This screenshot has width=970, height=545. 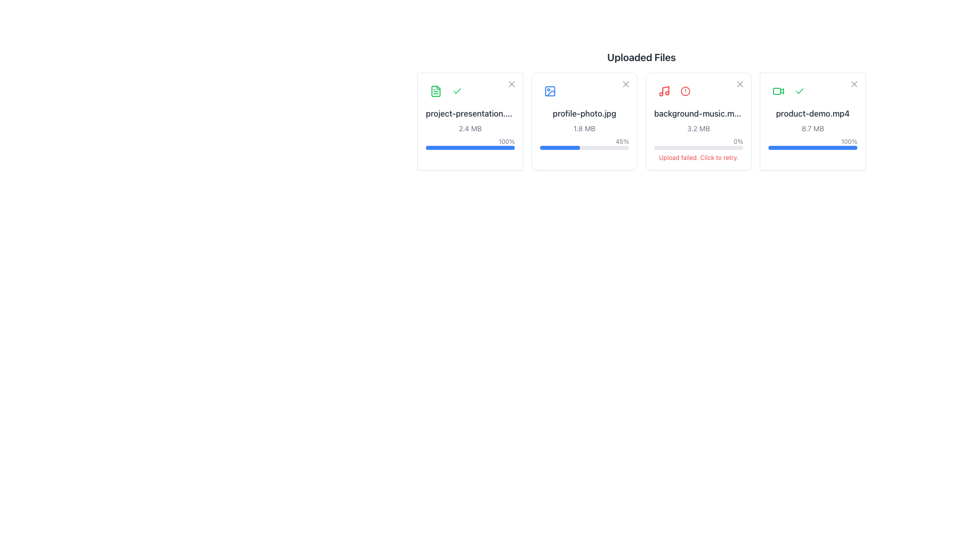 I want to click on the retry link on the third card in the grid, which displays the status of an uploaded file, to reattempt the upload, so click(x=698, y=121).